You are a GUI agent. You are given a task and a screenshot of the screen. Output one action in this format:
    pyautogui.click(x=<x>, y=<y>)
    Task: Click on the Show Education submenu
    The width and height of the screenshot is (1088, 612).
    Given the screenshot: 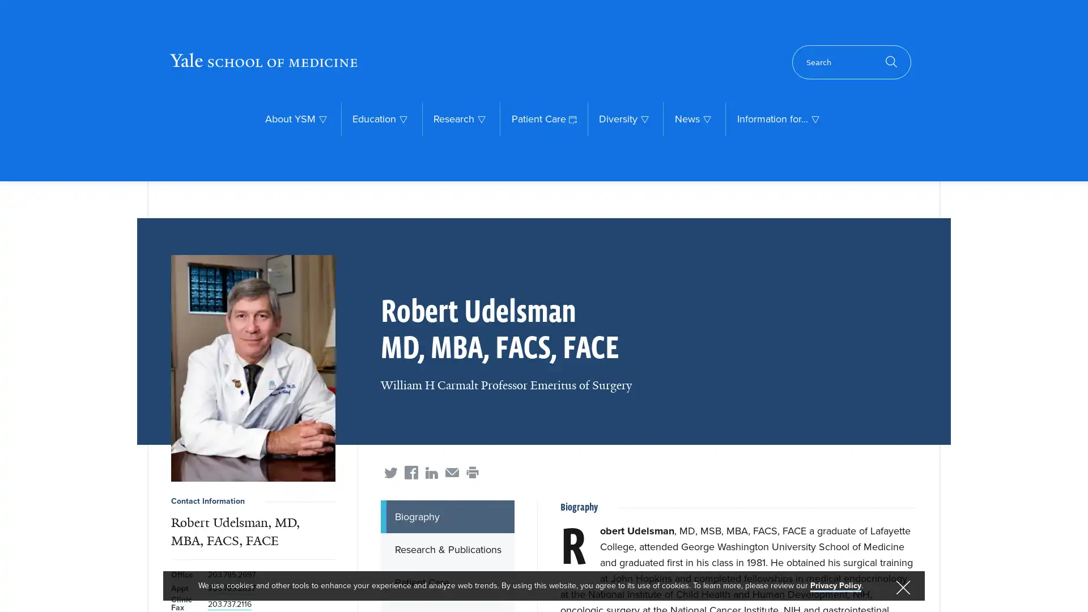 What is the action you would take?
    pyautogui.click(x=403, y=118)
    